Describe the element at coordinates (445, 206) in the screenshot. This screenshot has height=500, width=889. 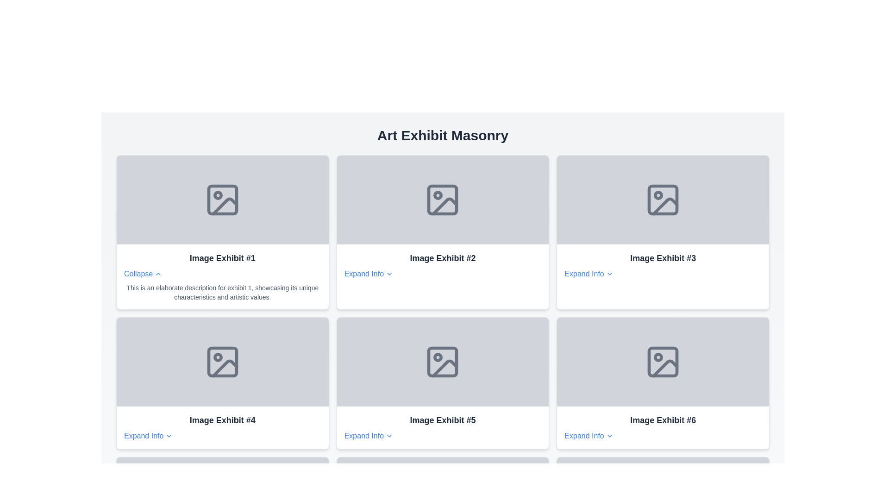
I see `the decorative graphical element located centrally inside the graphical placeholder icon in the second card of the top row of the 'Art Exhibit Masonry'` at that location.